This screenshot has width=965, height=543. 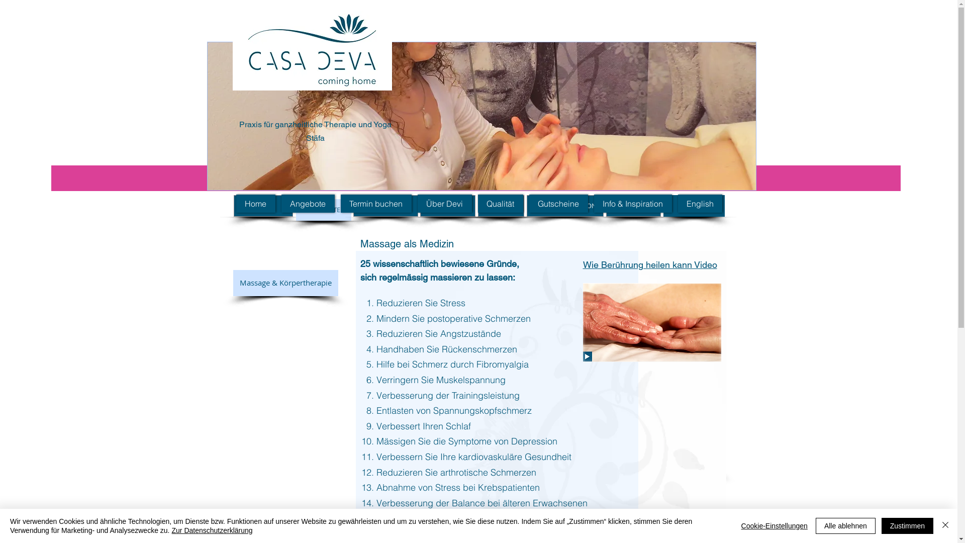 I want to click on 'ANGEBOTE', so click(x=323, y=209).